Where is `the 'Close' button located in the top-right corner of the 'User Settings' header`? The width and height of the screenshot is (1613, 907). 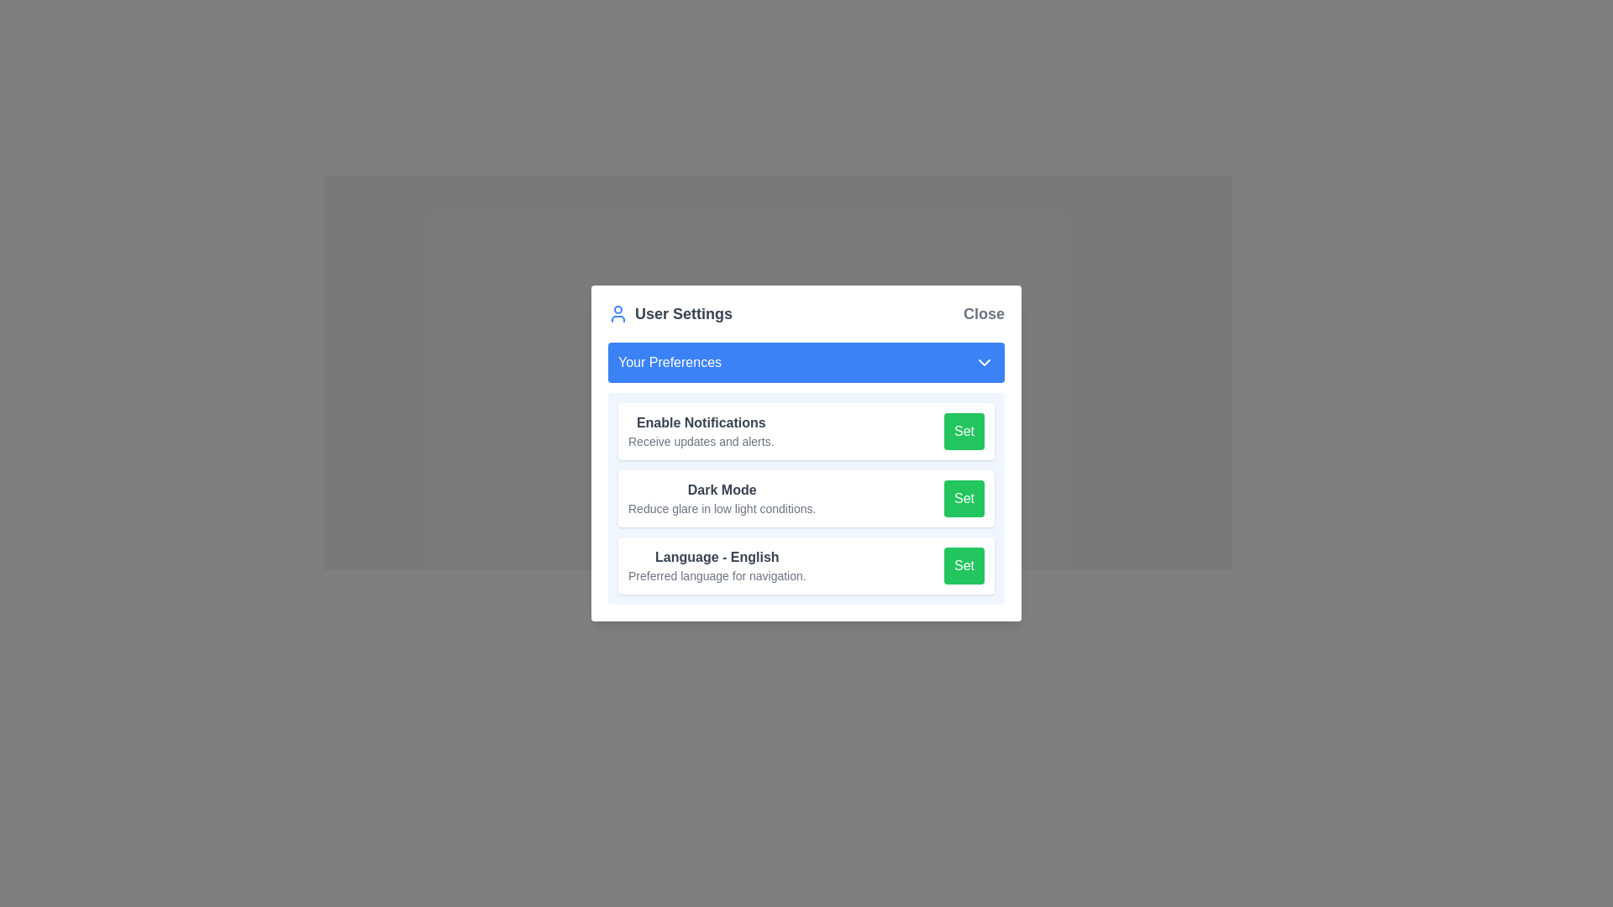
the 'Close' button located in the top-right corner of the 'User Settings' header is located at coordinates (984, 314).